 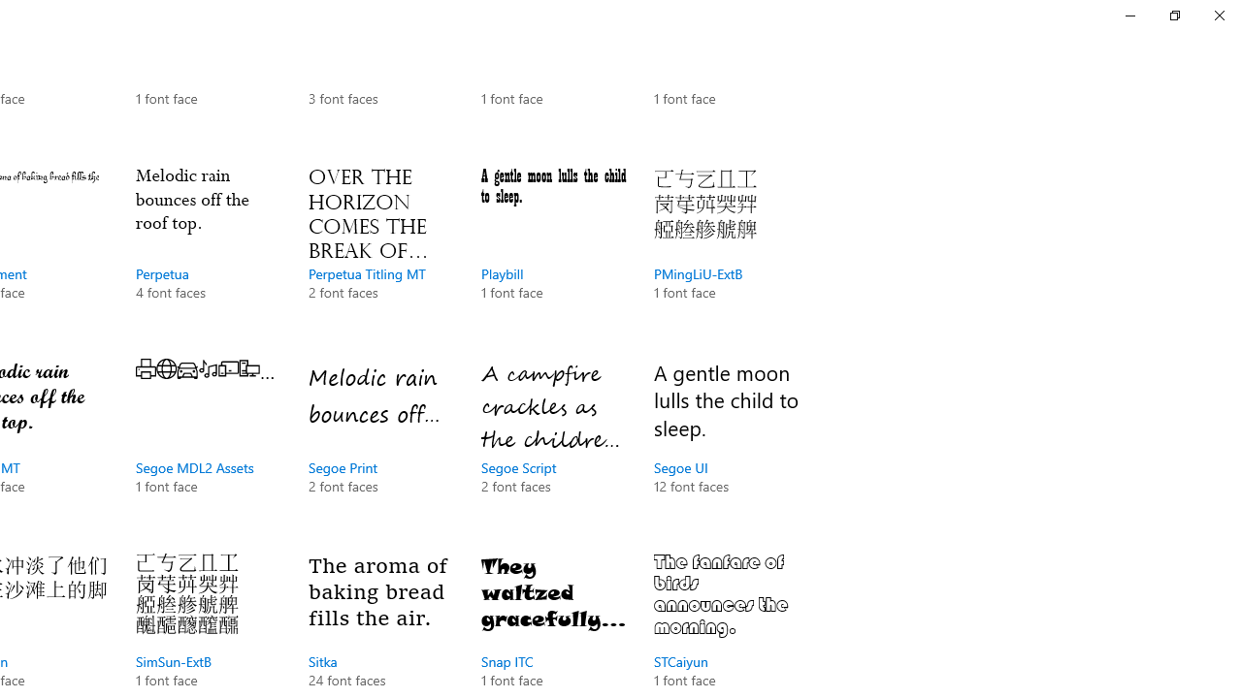 I want to click on 'Segoe MDL2 Assets, 1 font face', so click(x=209, y=446).